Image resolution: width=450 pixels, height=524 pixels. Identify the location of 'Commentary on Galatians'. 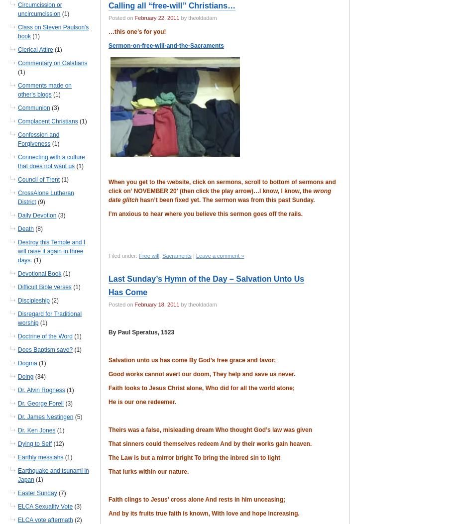
(52, 63).